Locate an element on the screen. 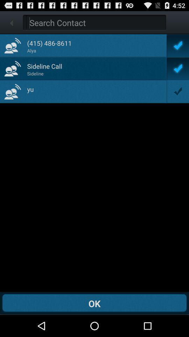  come back is located at coordinates (96, 22).